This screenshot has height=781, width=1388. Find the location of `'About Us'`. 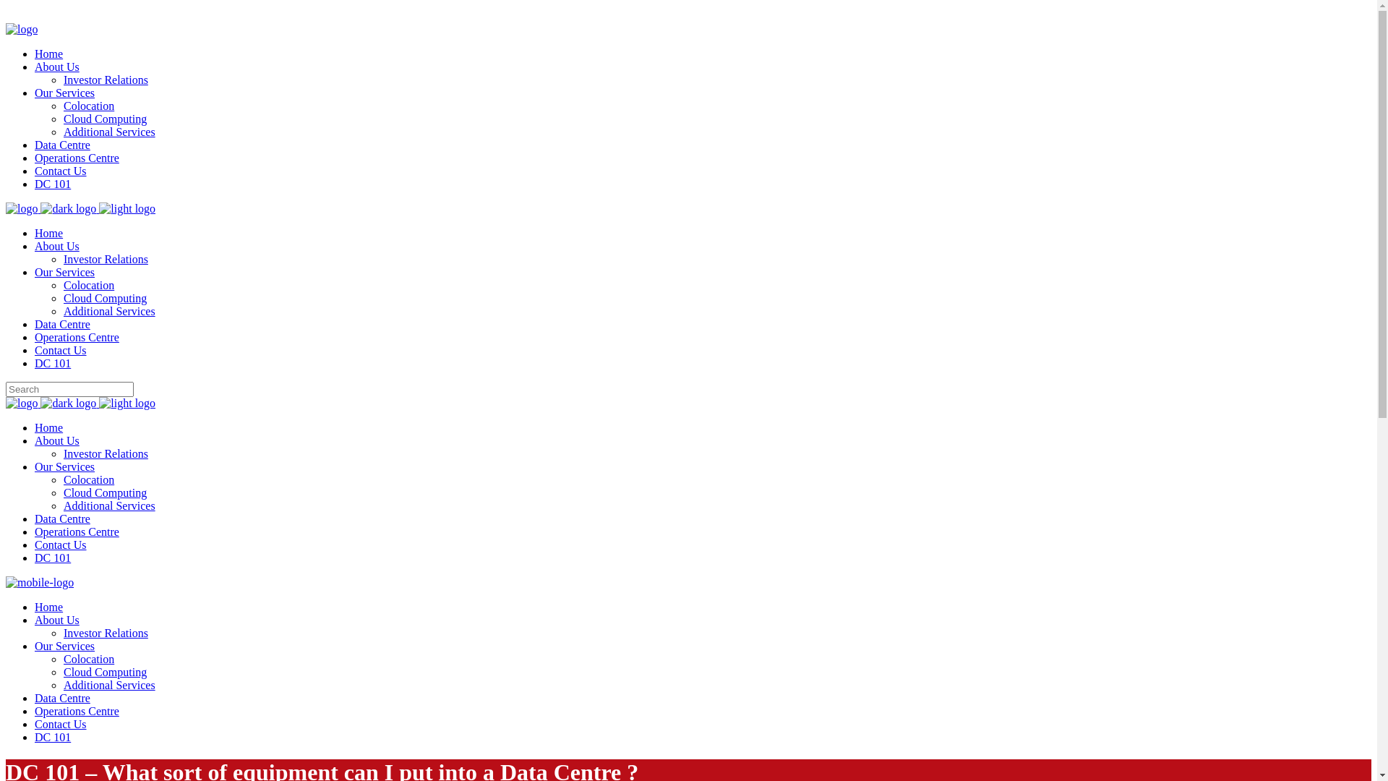

'About Us' is located at coordinates (56, 245).